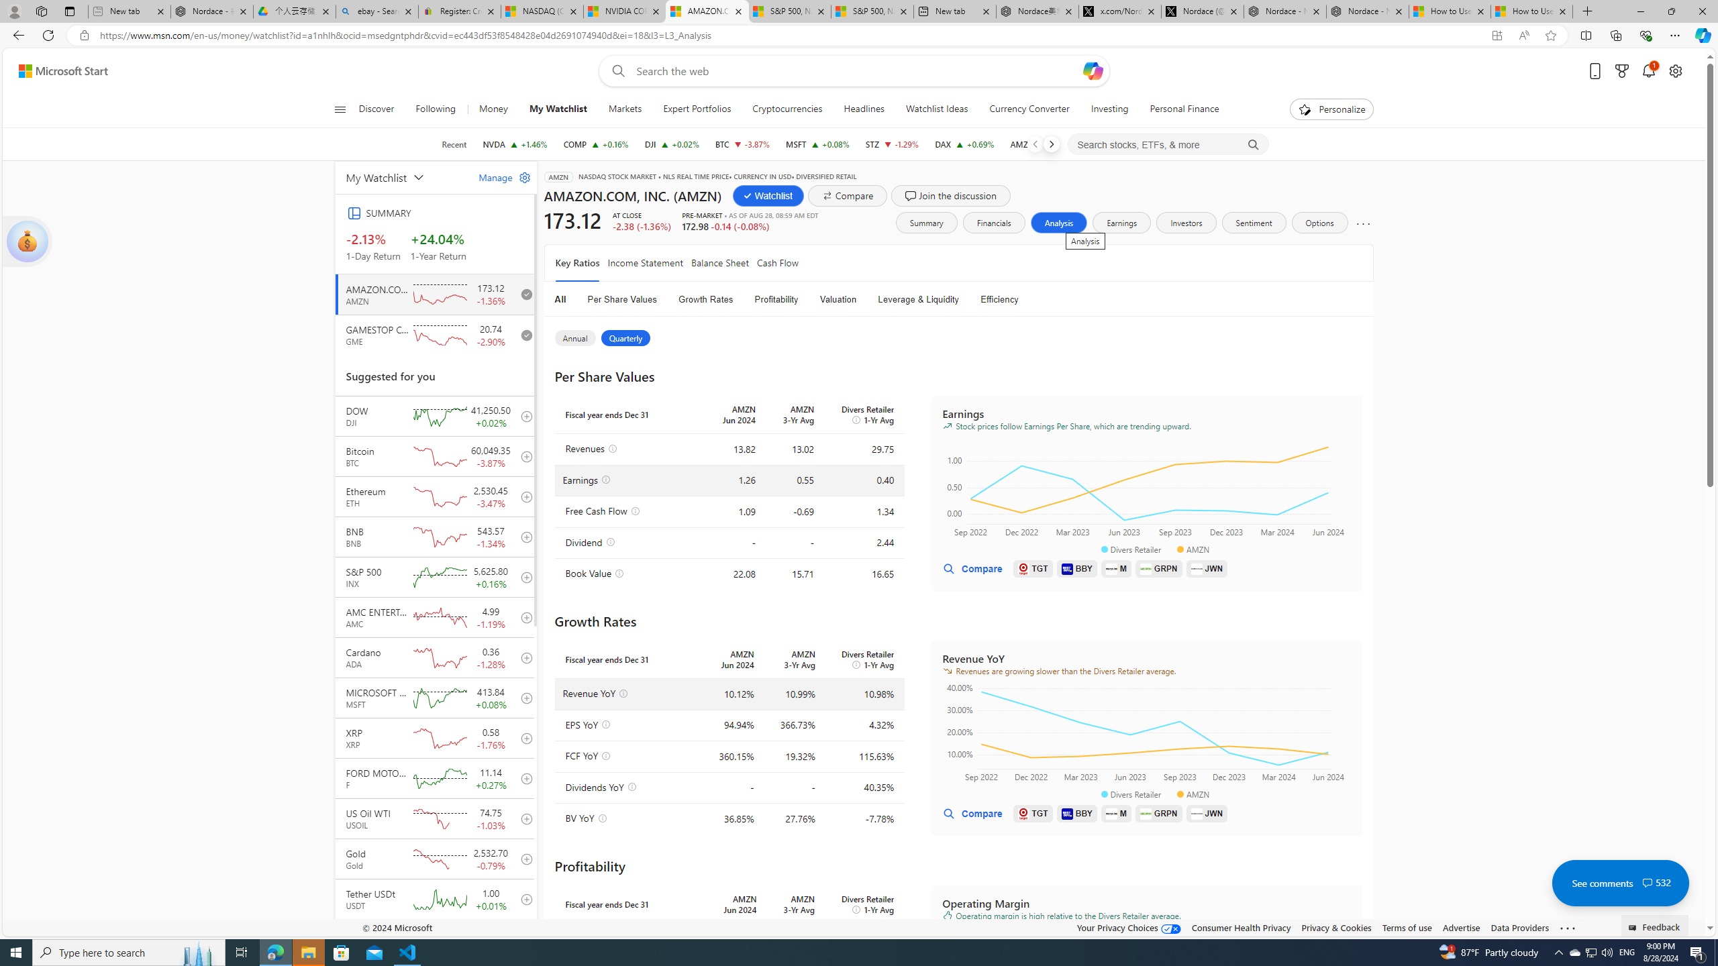  I want to click on 'Financials', so click(993, 221).